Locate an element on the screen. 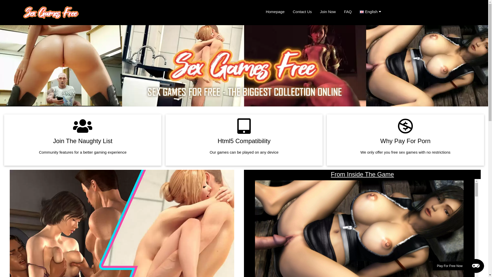 The image size is (492, 277). 'Homepage' is located at coordinates (262, 12).